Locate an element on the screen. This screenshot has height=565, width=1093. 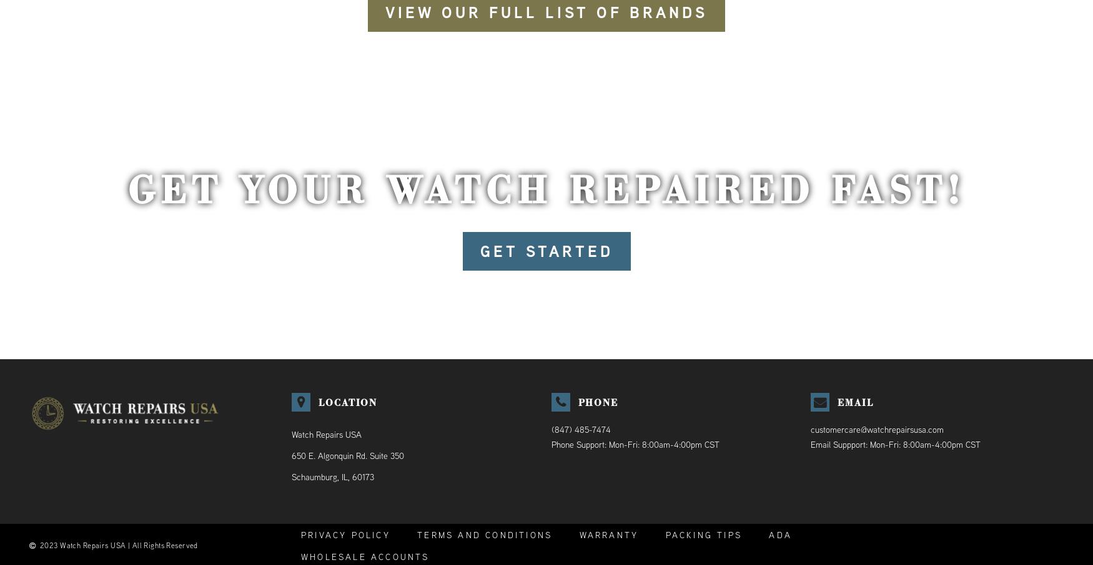
'Watch Repairs USA' is located at coordinates (325, 434).